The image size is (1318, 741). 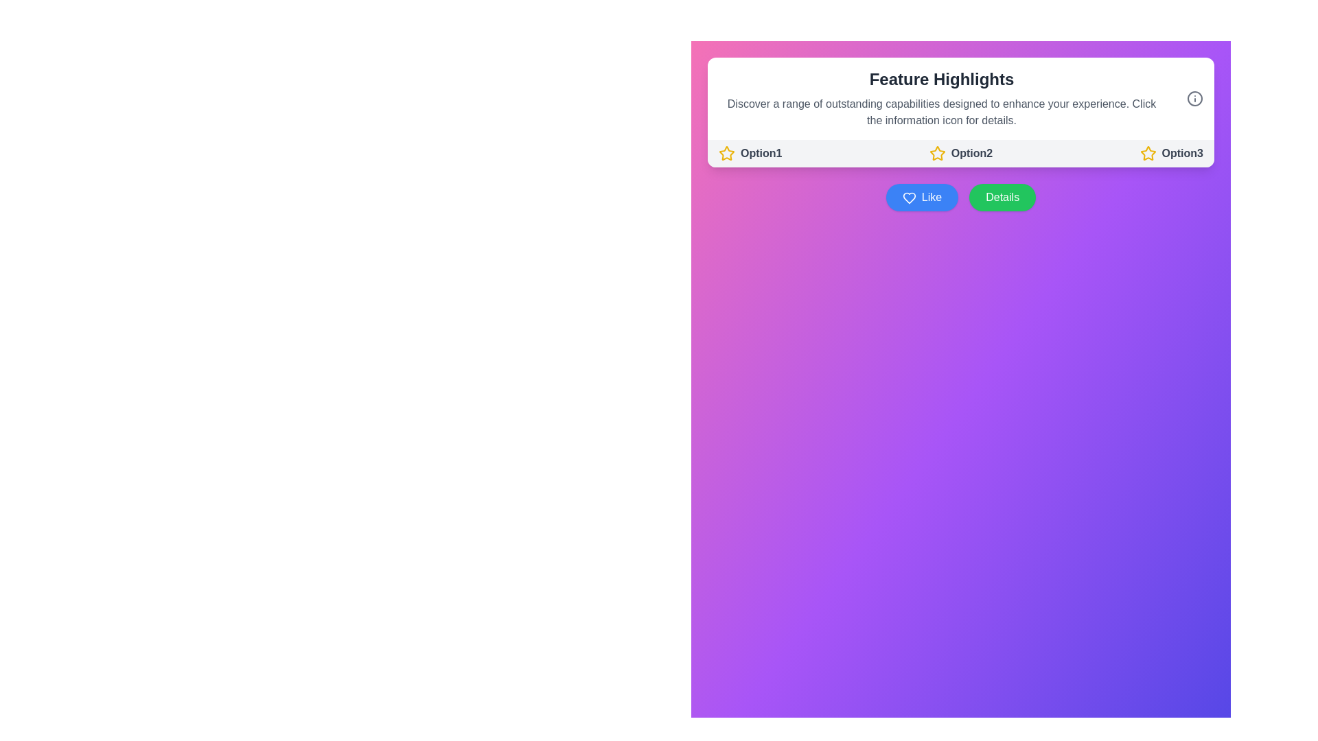 What do you see at coordinates (936, 153) in the screenshot?
I see `the yellow star icon that represents a selectable option in the row under 'Feature Highlights'` at bounding box center [936, 153].